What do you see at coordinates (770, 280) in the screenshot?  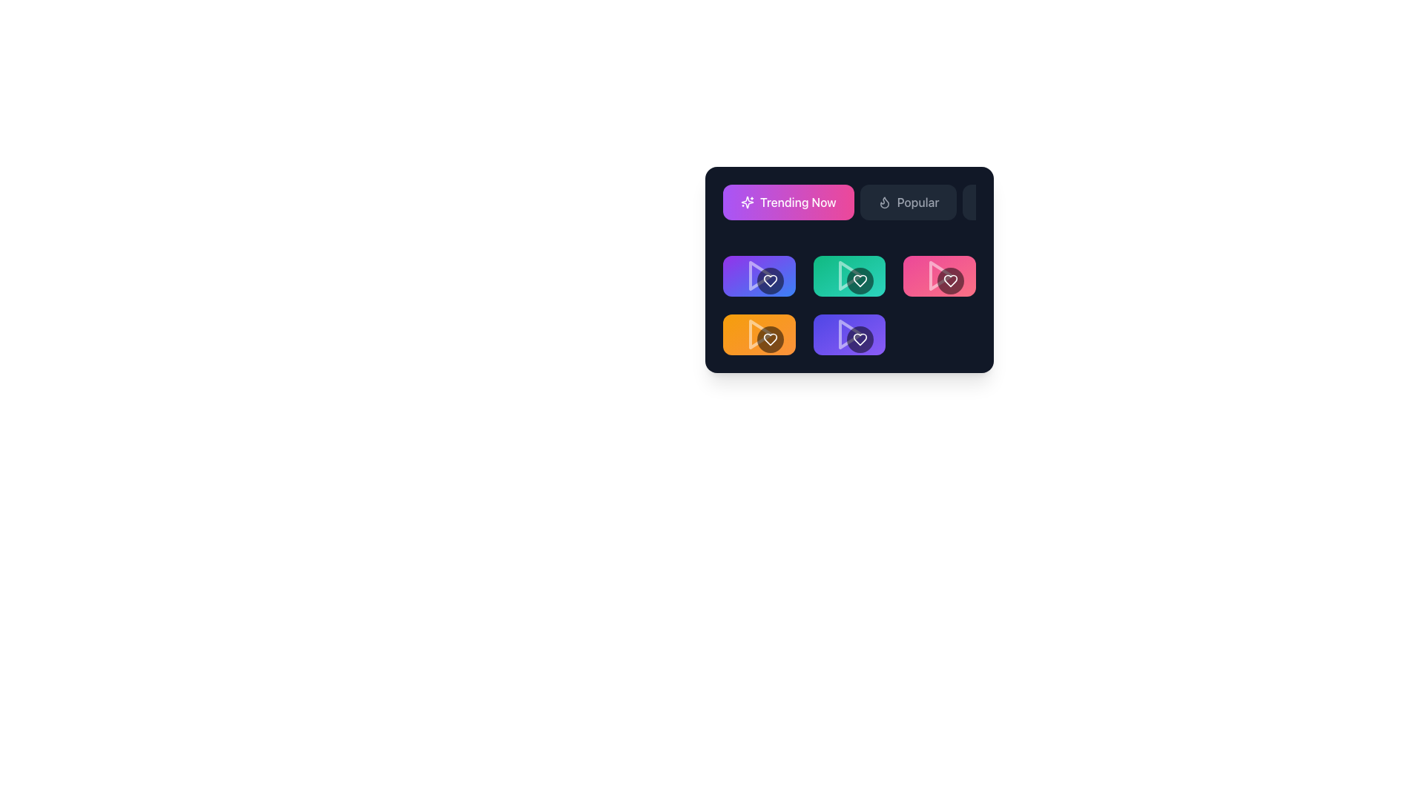 I see `the favorite button located at the top-left tile of the grid layout, which is aligned to the top-right corner of a purple square tile, to mark or unmark as favorite` at bounding box center [770, 280].